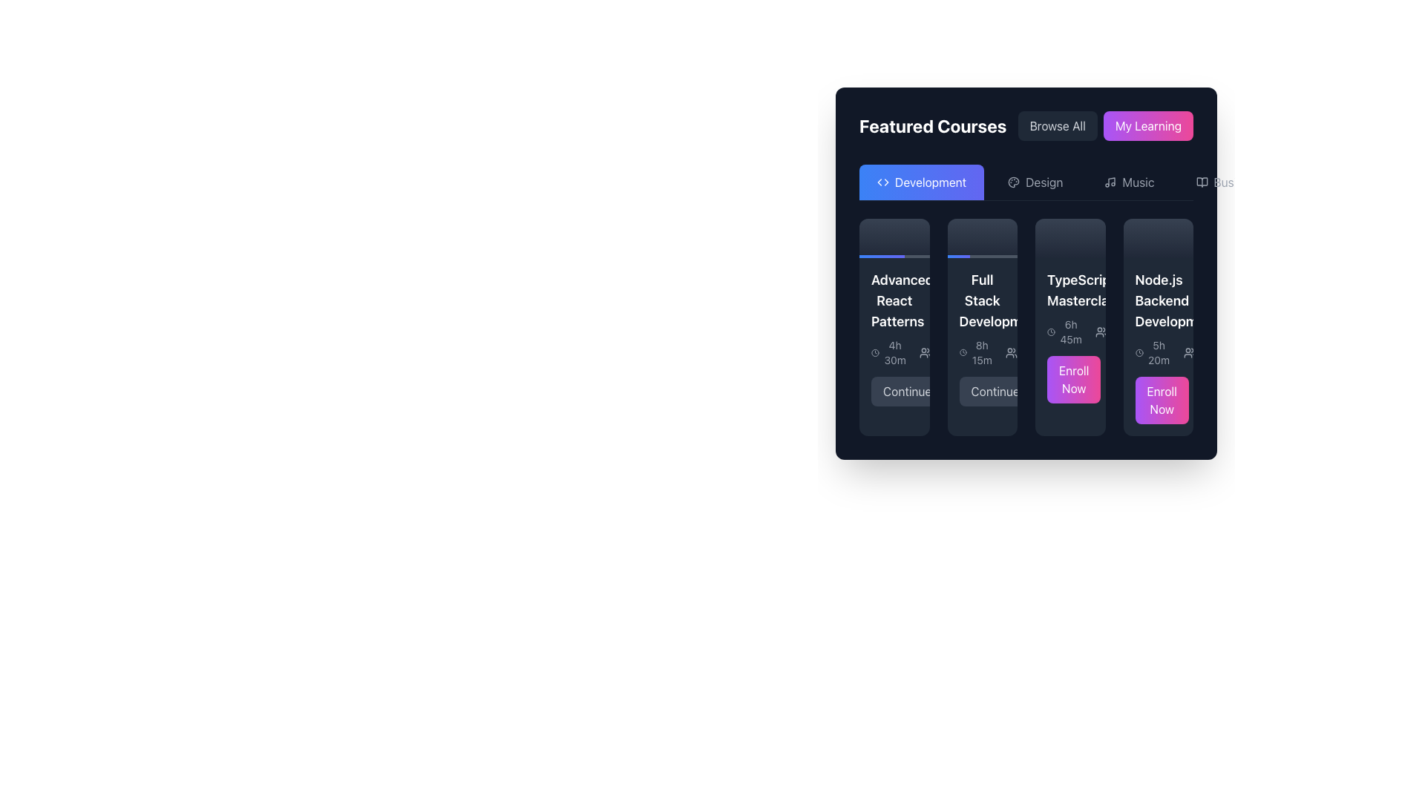 The width and height of the screenshot is (1425, 801). What do you see at coordinates (1025, 125) in the screenshot?
I see `the 'Browse All' button, which is part of the Composite UI element containing the heading 'Featured Courses'. This button is styled in dark grey with white text and is located on the right side of the element` at bounding box center [1025, 125].